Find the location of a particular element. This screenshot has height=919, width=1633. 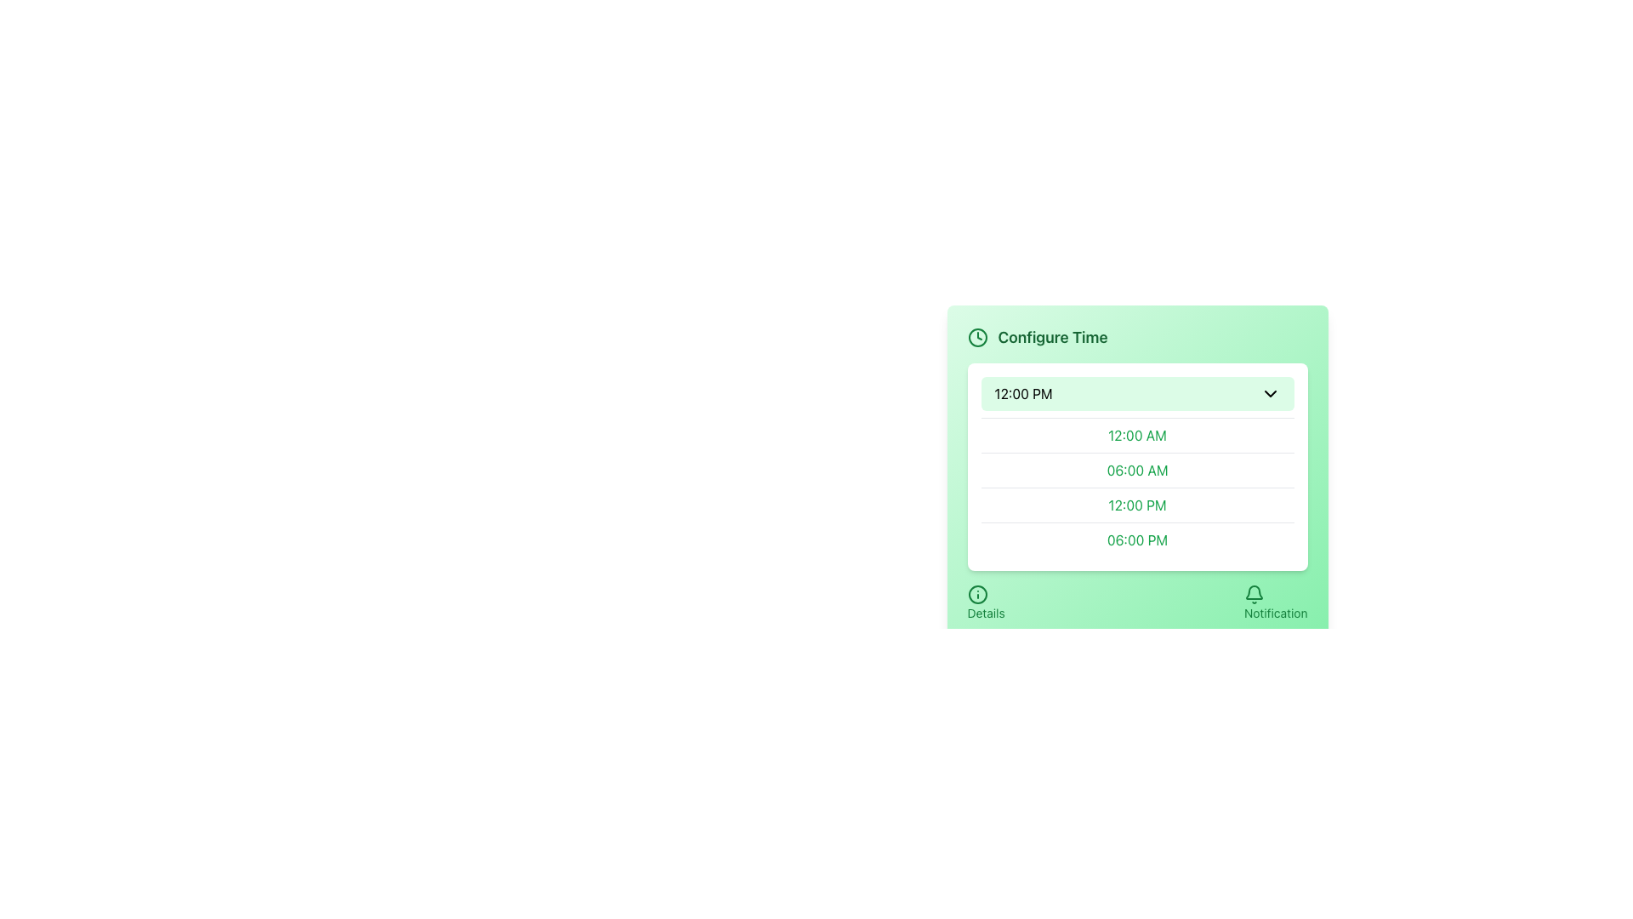

the 'Notification' section of the composite navigation element, which is styled in green on a light green background, to manage alerts is located at coordinates (1137, 602).